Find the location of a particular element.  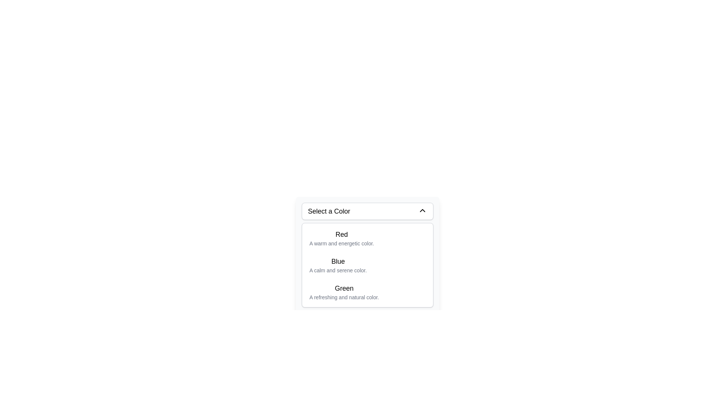

the 'Red' dropdown menu option in the 'Select a Color' dropdown is located at coordinates (367, 238).